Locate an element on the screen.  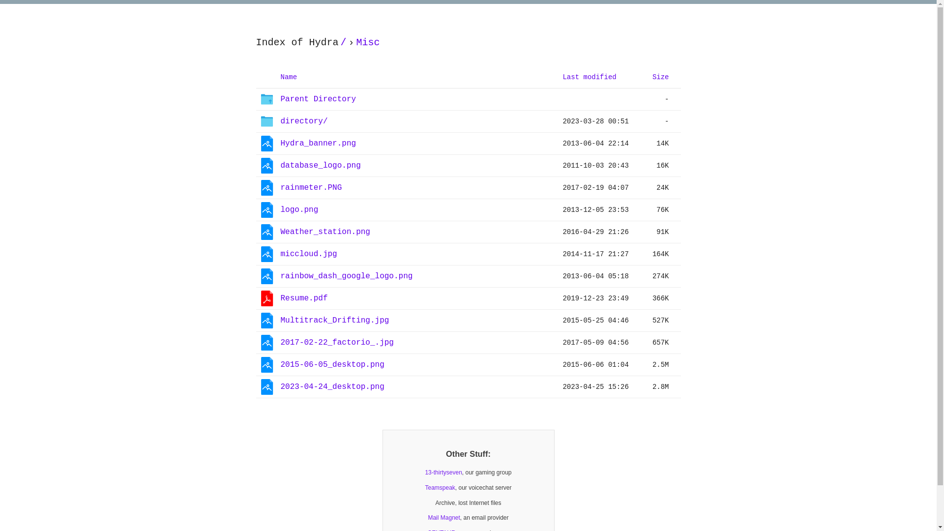
'database_logo.png' is located at coordinates (320, 165).